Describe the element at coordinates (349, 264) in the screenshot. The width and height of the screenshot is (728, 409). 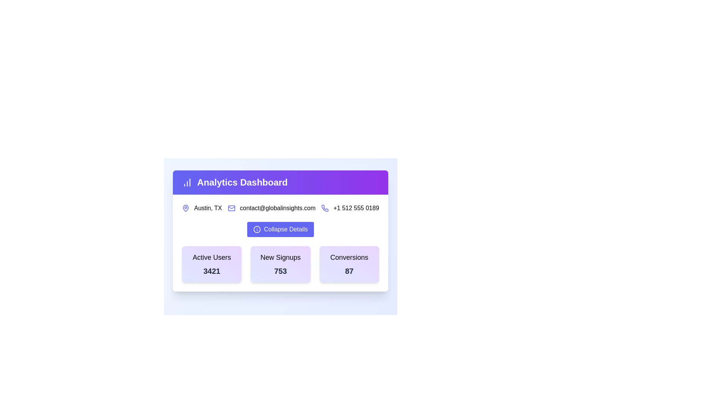
I see `the static informational panel displaying 'Conversions' with the quantity '87', located in the bottom-right corner of the grid layout` at that location.